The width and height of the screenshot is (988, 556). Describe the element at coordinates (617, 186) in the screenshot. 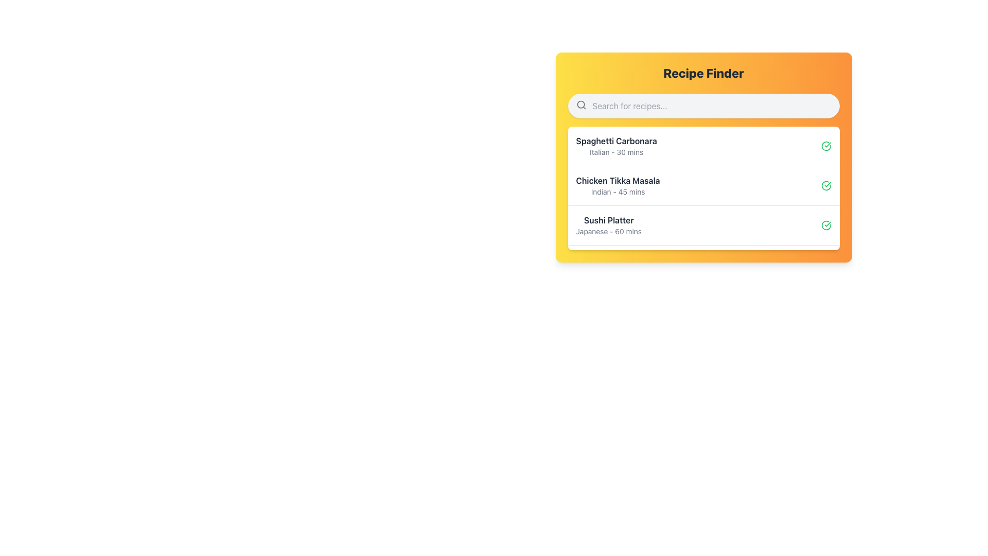

I see `on the 'Chicken Tikka Masala' text block located in the second row of the 'Recipe Finder' card` at that location.